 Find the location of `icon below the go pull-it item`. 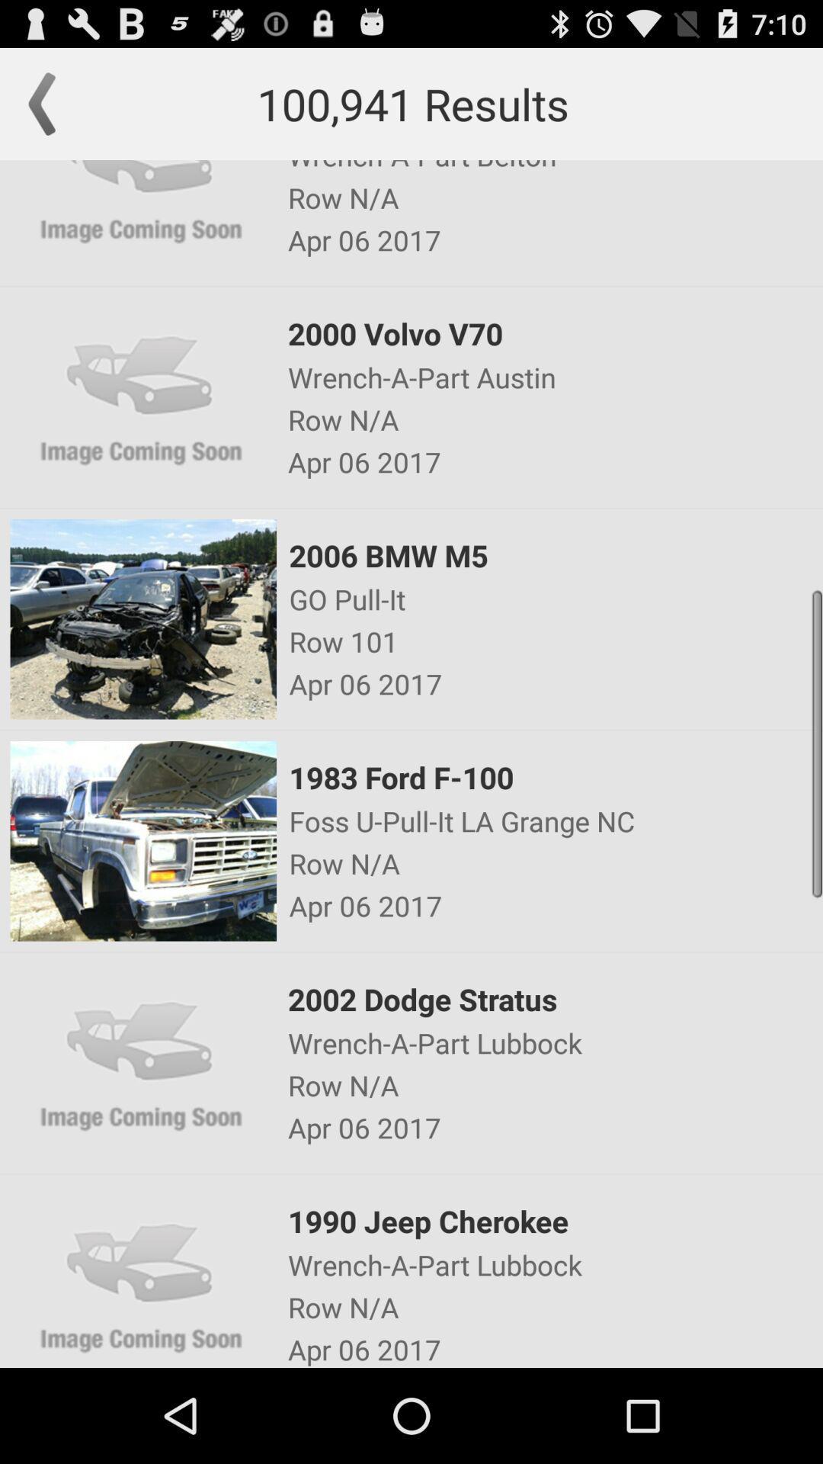

icon below the go pull-it item is located at coordinates (555, 641).